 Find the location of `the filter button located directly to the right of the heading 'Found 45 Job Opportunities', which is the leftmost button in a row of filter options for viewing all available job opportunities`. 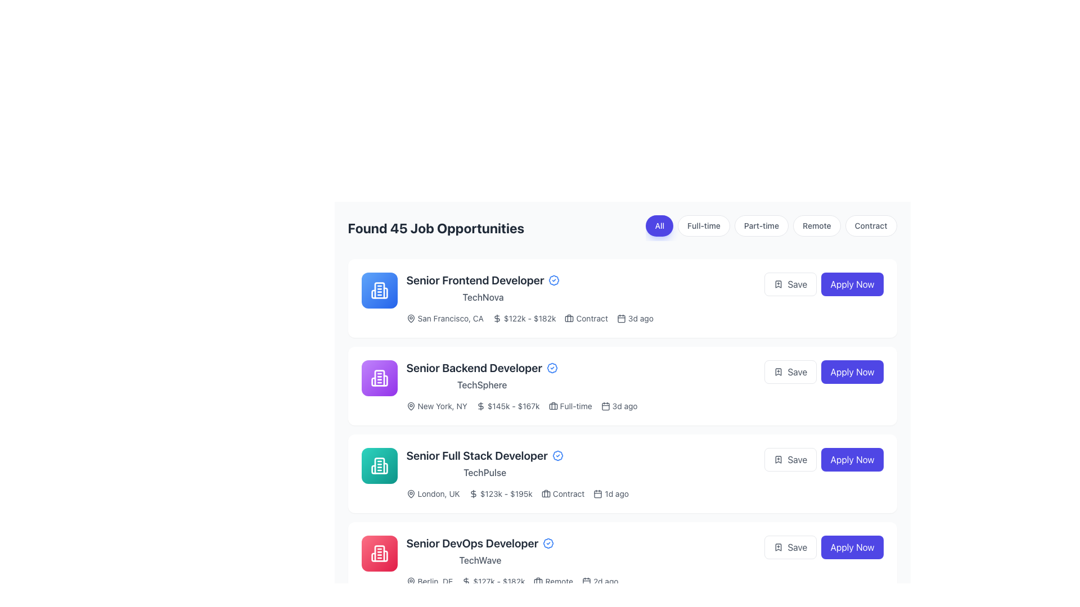

the filter button located directly to the right of the heading 'Found 45 Job Opportunities', which is the leftmost button in a row of filter options for viewing all available job opportunities is located at coordinates (659, 225).